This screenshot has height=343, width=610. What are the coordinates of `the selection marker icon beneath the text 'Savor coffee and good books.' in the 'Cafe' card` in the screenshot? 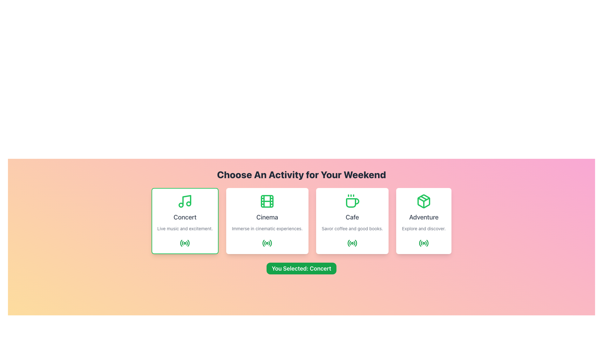 It's located at (352, 243).